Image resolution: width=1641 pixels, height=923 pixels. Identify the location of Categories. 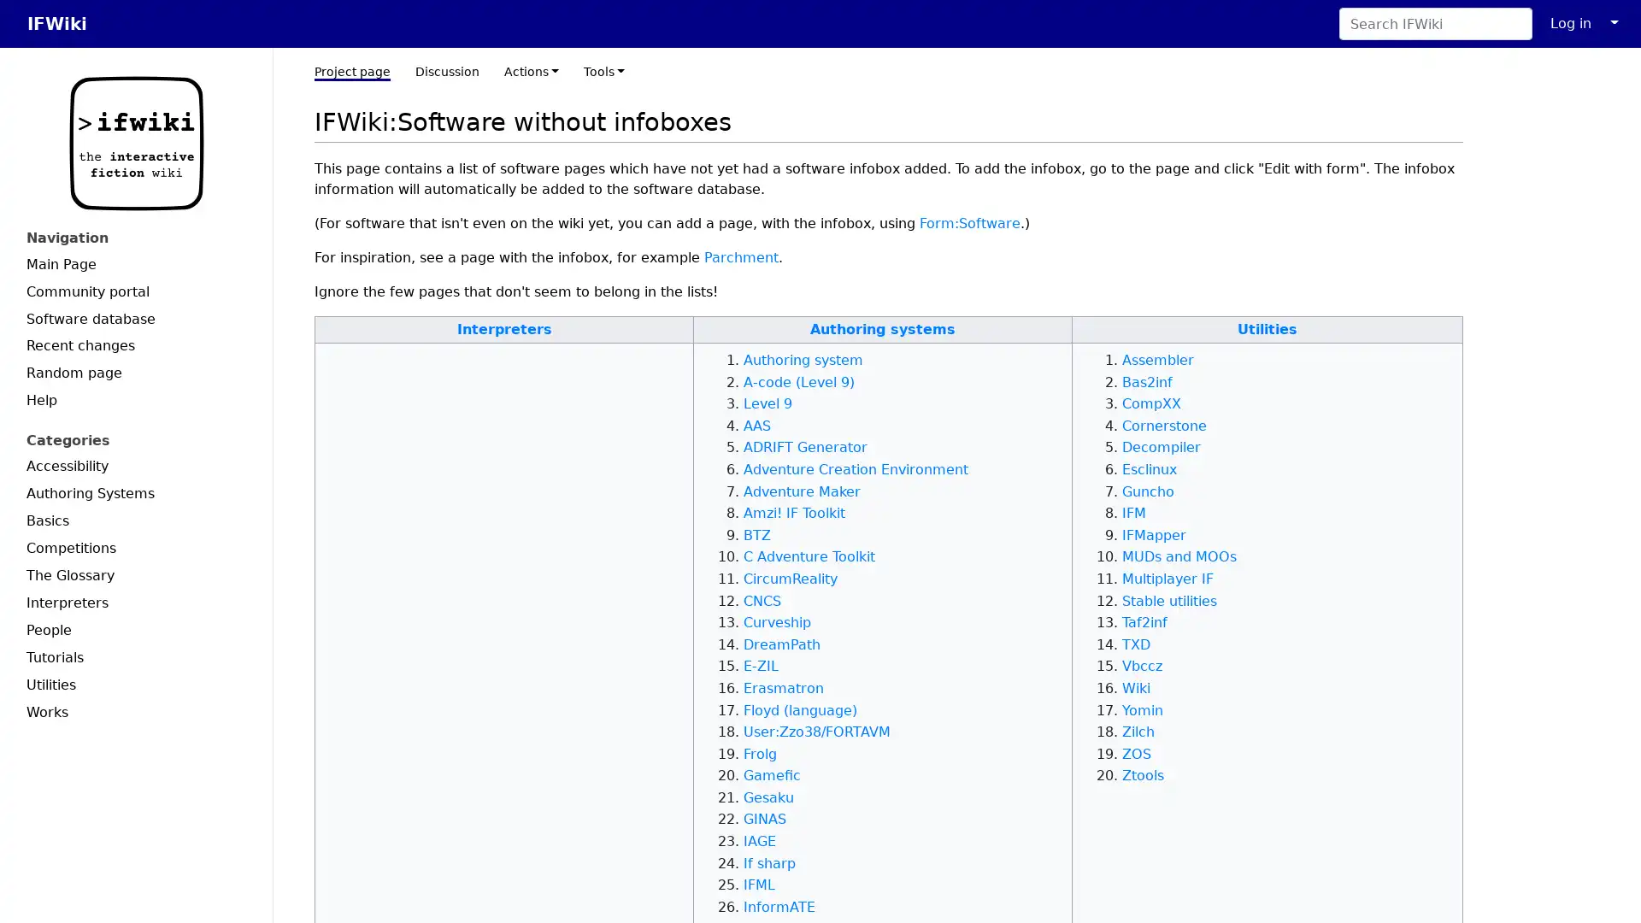
(135, 439).